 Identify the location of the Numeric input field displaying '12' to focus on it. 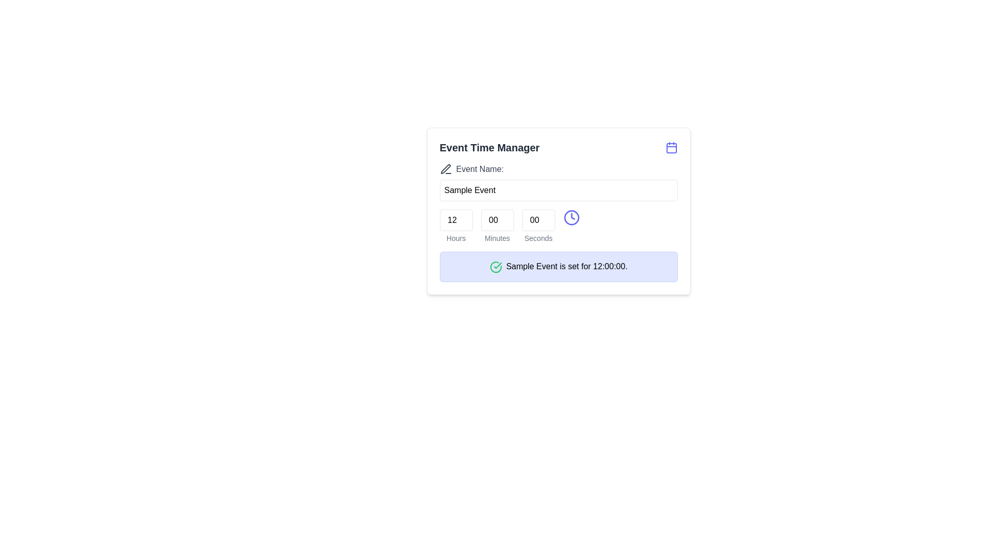
(455, 220).